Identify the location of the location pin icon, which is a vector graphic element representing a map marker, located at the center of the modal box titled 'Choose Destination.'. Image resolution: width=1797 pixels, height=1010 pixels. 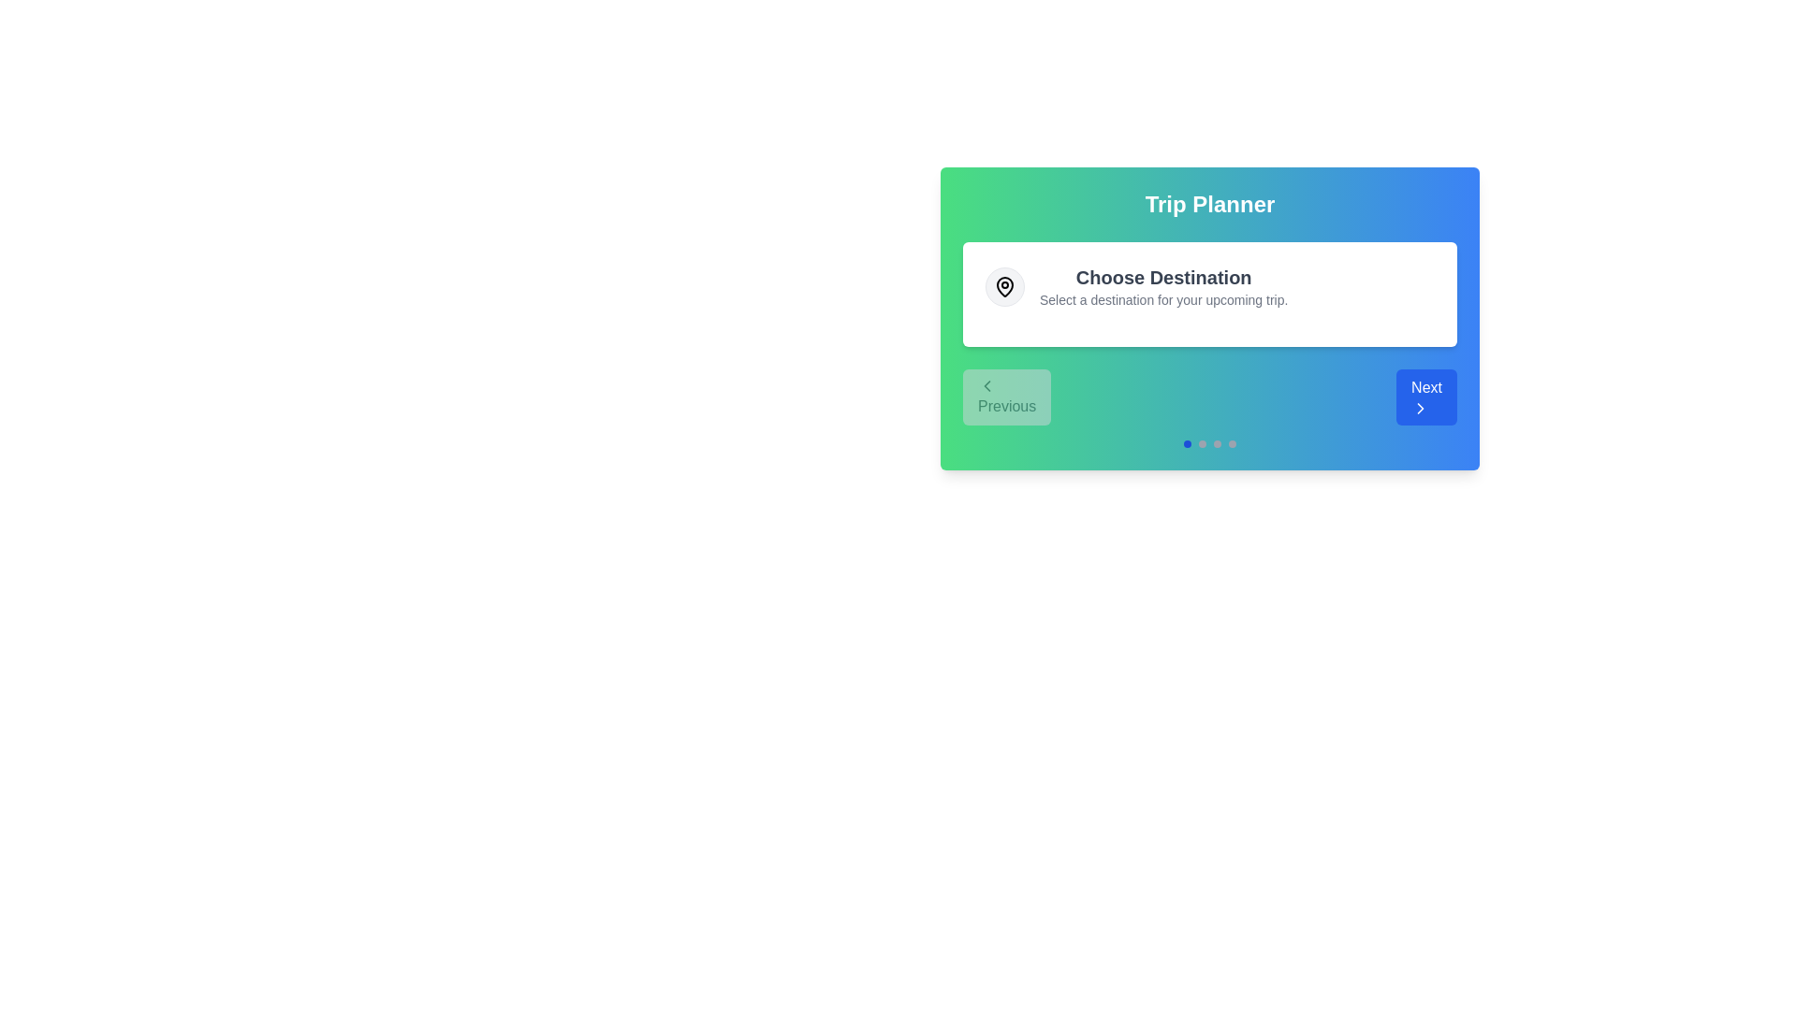
(1004, 285).